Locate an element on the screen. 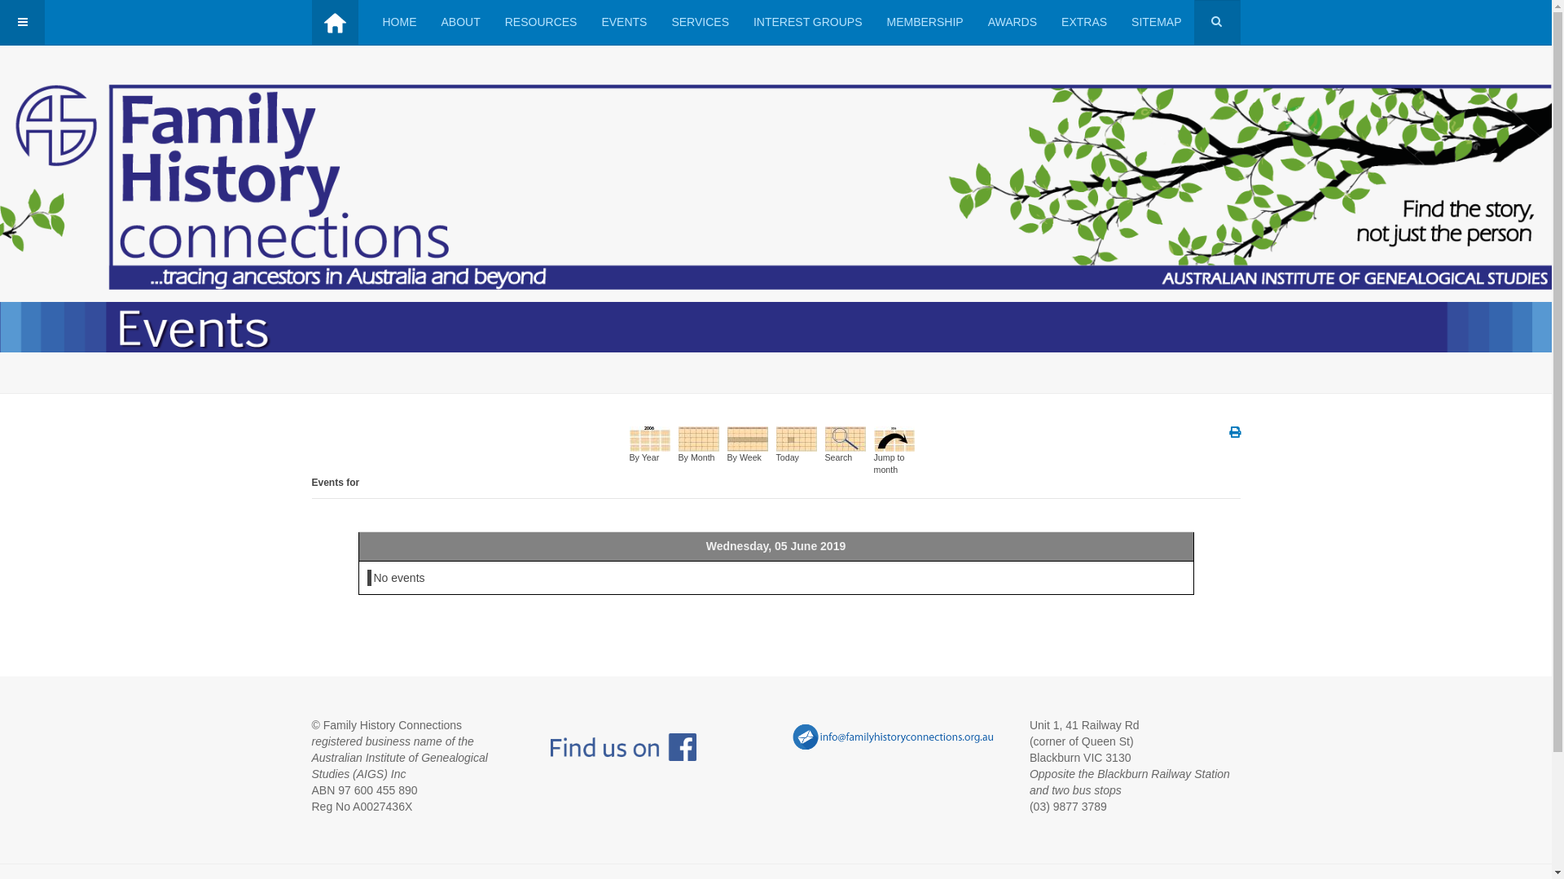 The image size is (1564, 879). 'Today' is located at coordinates (774, 436).